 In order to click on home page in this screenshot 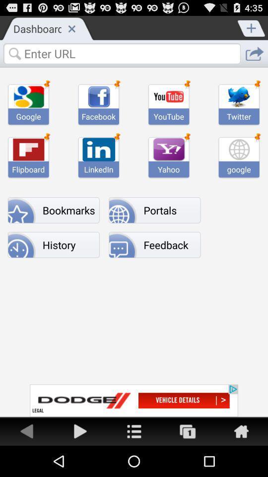, I will do `click(134, 430)`.